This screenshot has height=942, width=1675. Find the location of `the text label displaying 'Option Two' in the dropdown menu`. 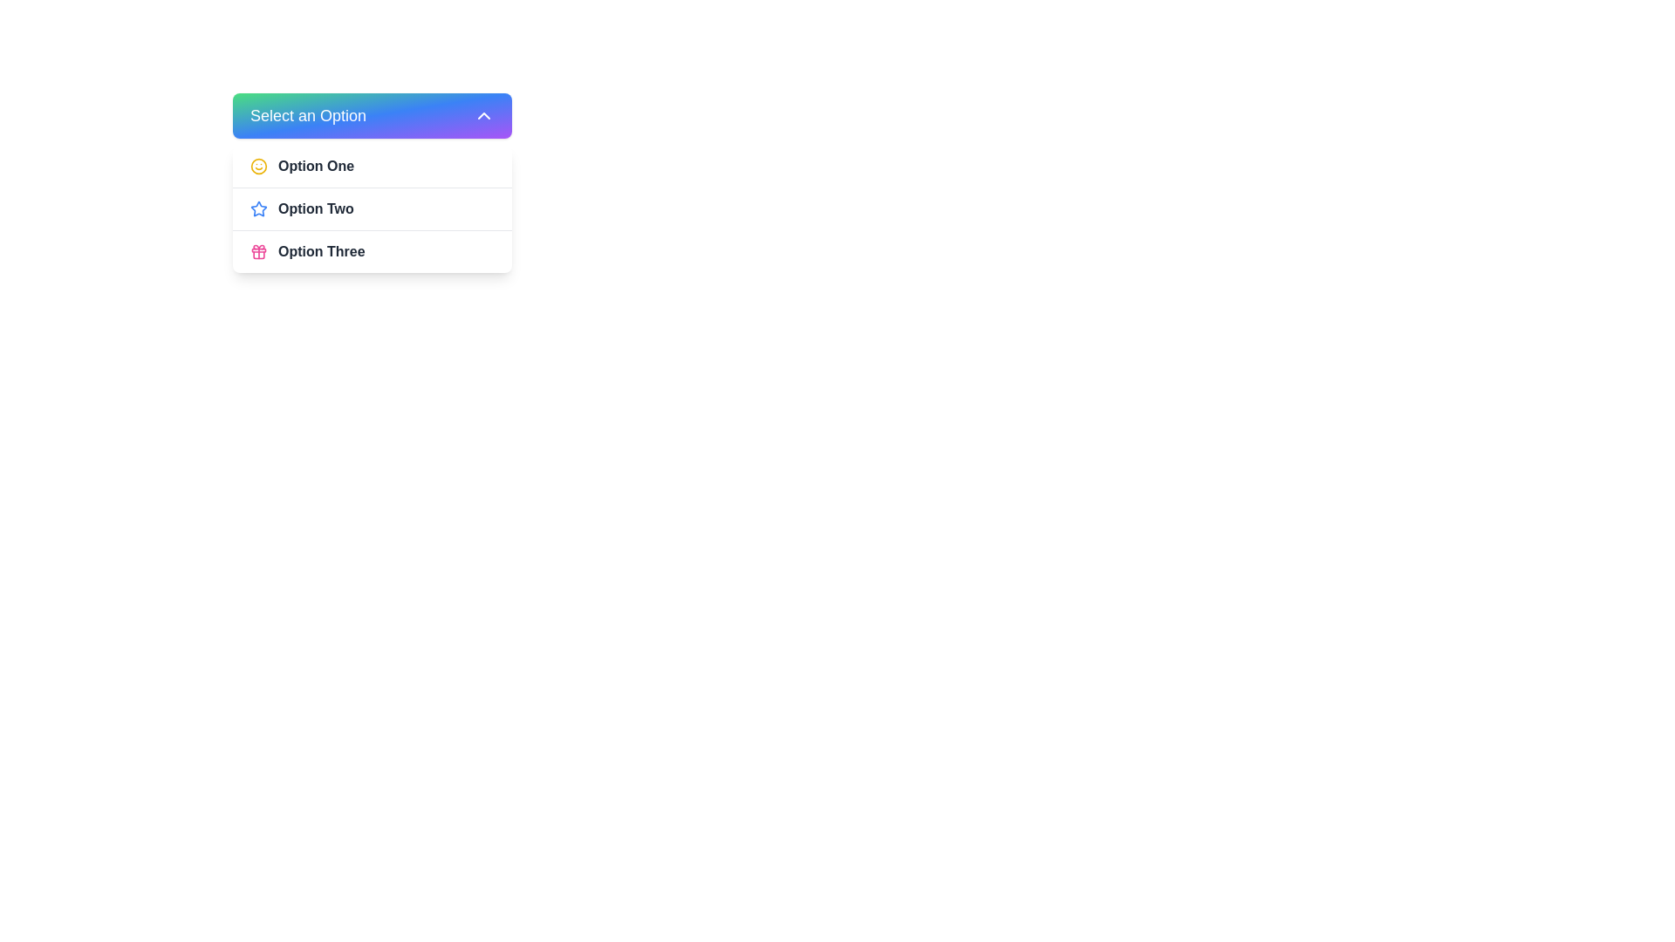

the text label displaying 'Option Two' in the dropdown menu is located at coordinates (316, 208).